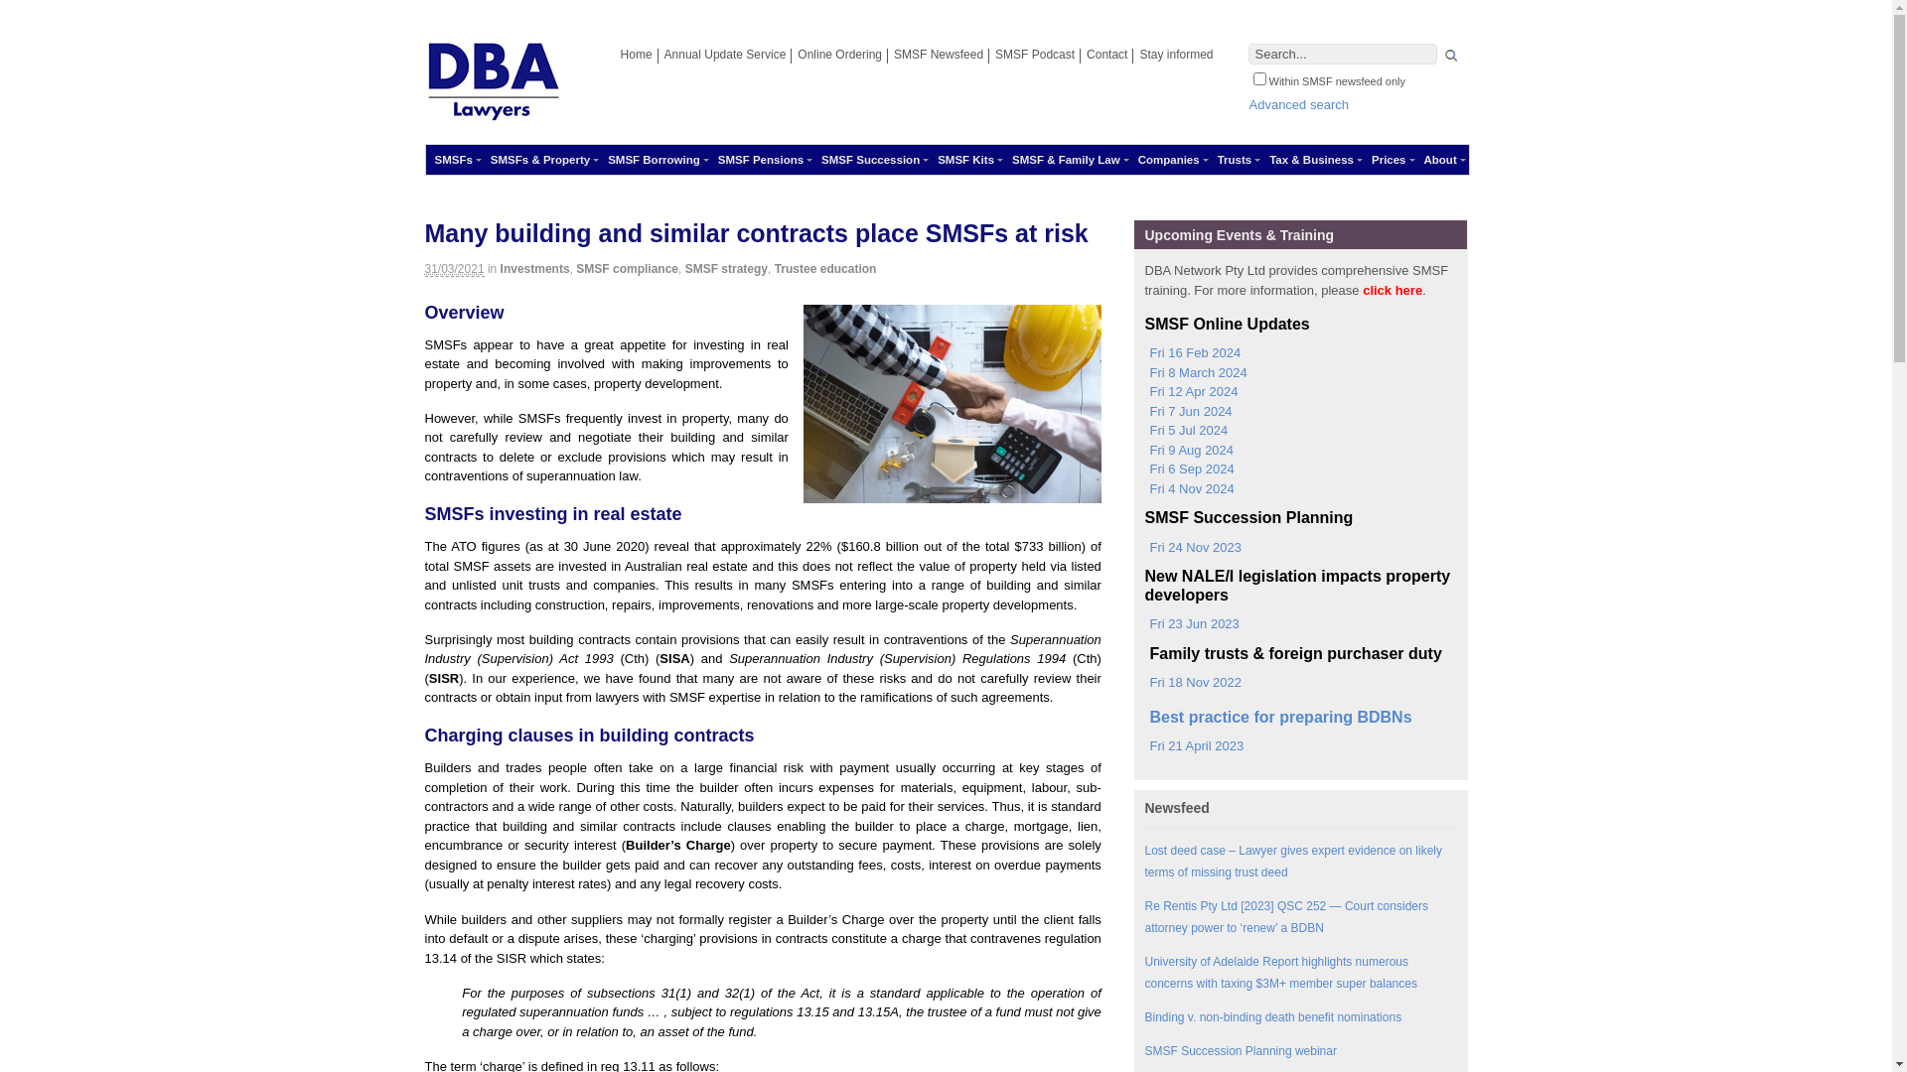 The width and height of the screenshot is (1907, 1072). What do you see at coordinates (1298, 104) in the screenshot?
I see `'Advanced search'` at bounding box center [1298, 104].